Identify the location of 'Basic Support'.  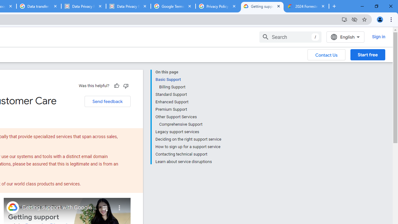
(188, 79).